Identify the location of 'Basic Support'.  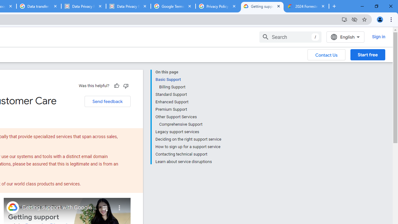
(188, 79).